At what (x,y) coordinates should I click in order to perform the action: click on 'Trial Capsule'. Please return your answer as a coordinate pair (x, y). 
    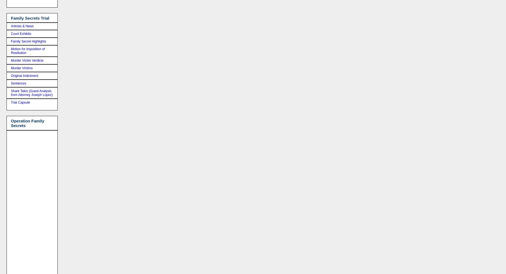
    Looking at the image, I should click on (20, 102).